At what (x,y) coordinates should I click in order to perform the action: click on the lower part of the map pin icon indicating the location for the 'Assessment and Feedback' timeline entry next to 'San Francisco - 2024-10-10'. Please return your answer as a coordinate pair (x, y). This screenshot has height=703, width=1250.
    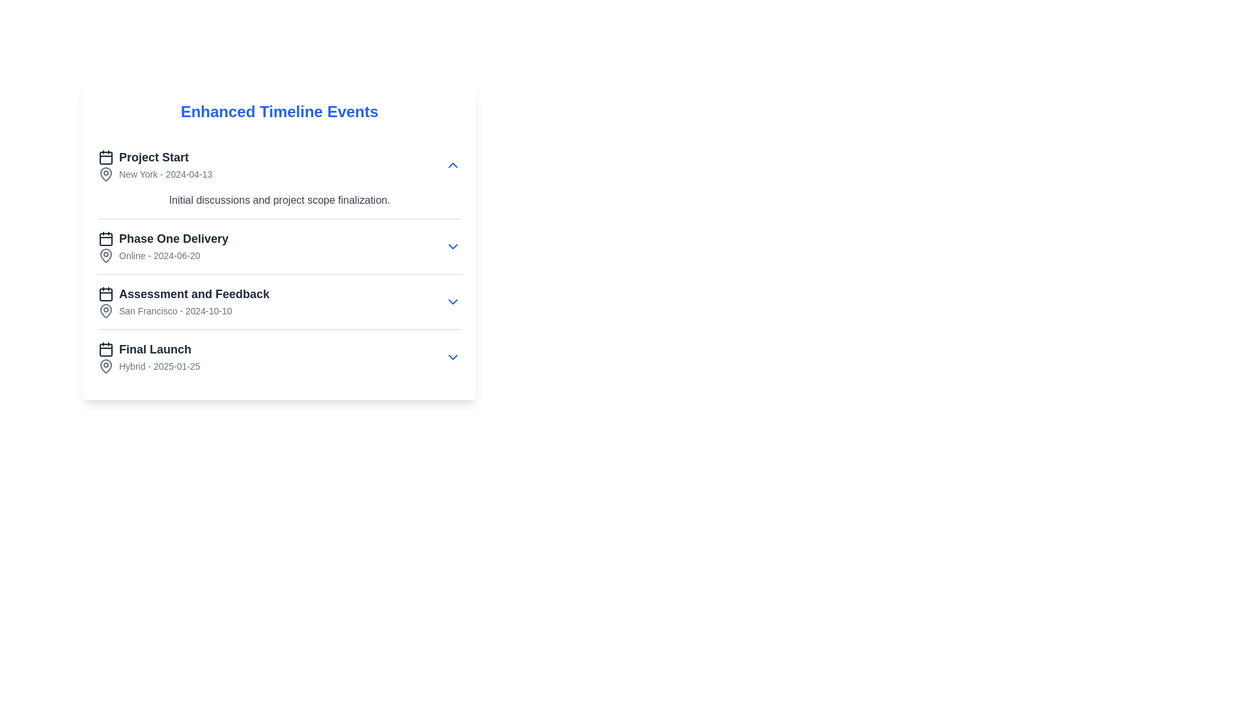
    Looking at the image, I should click on (106, 311).